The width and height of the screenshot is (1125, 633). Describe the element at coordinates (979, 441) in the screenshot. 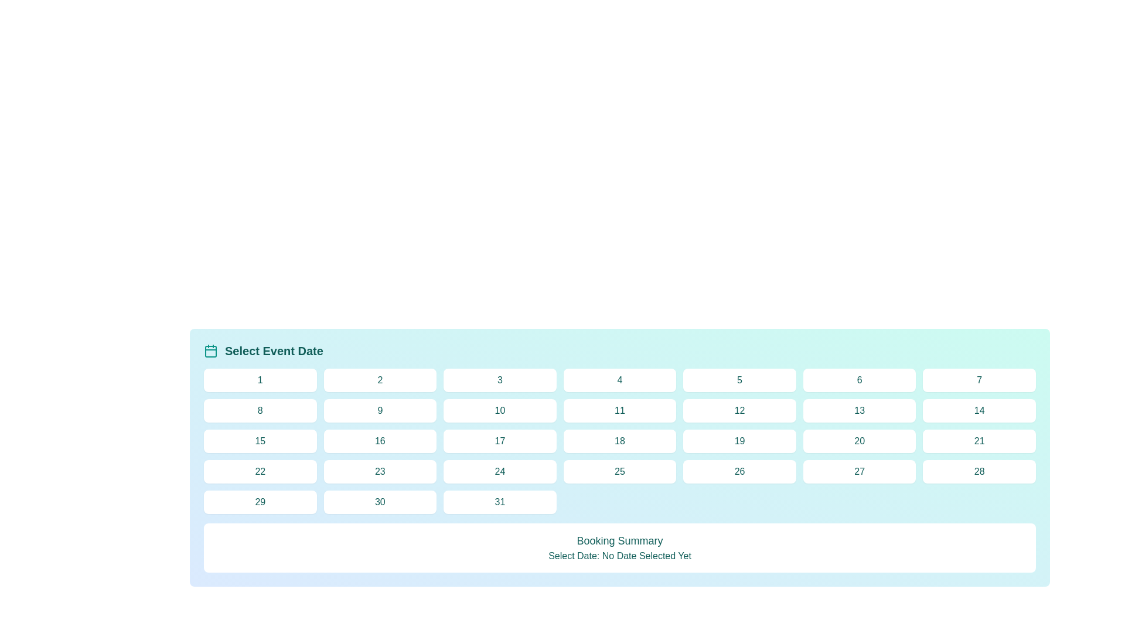

I see `the selection button for choosing the date '21' in the calendar interface, located in the fifth row and sixth column of the grid layout` at that location.